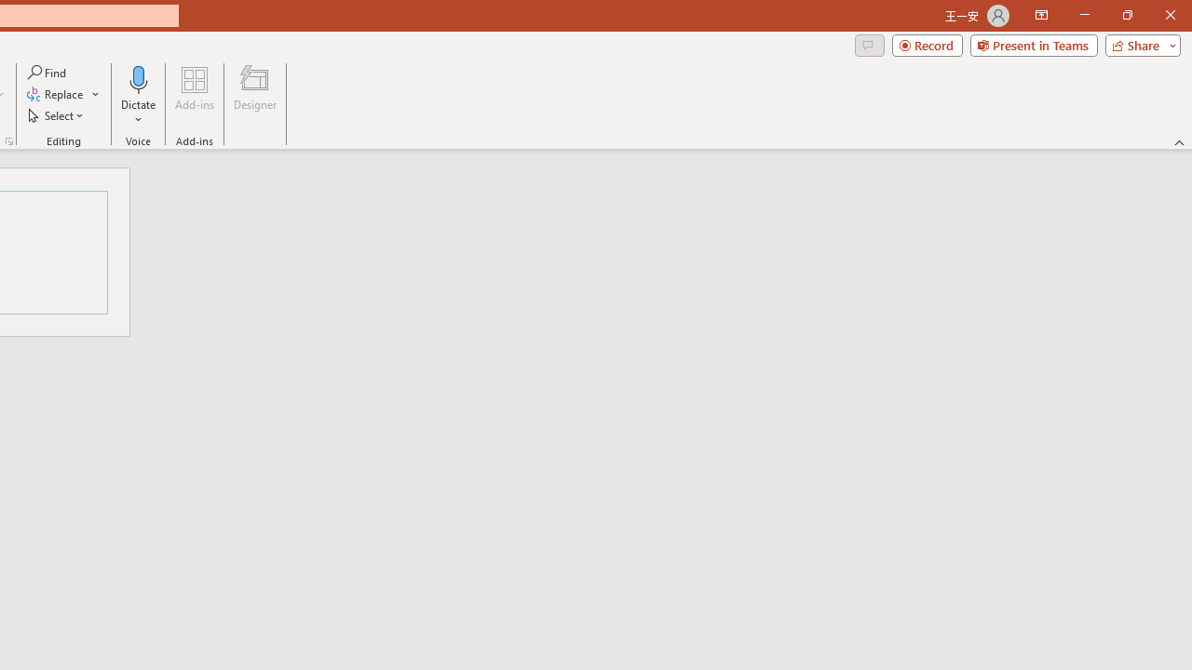 Image resolution: width=1192 pixels, height=670 pixels. I want to click on 'Close', so click(1169, 15).